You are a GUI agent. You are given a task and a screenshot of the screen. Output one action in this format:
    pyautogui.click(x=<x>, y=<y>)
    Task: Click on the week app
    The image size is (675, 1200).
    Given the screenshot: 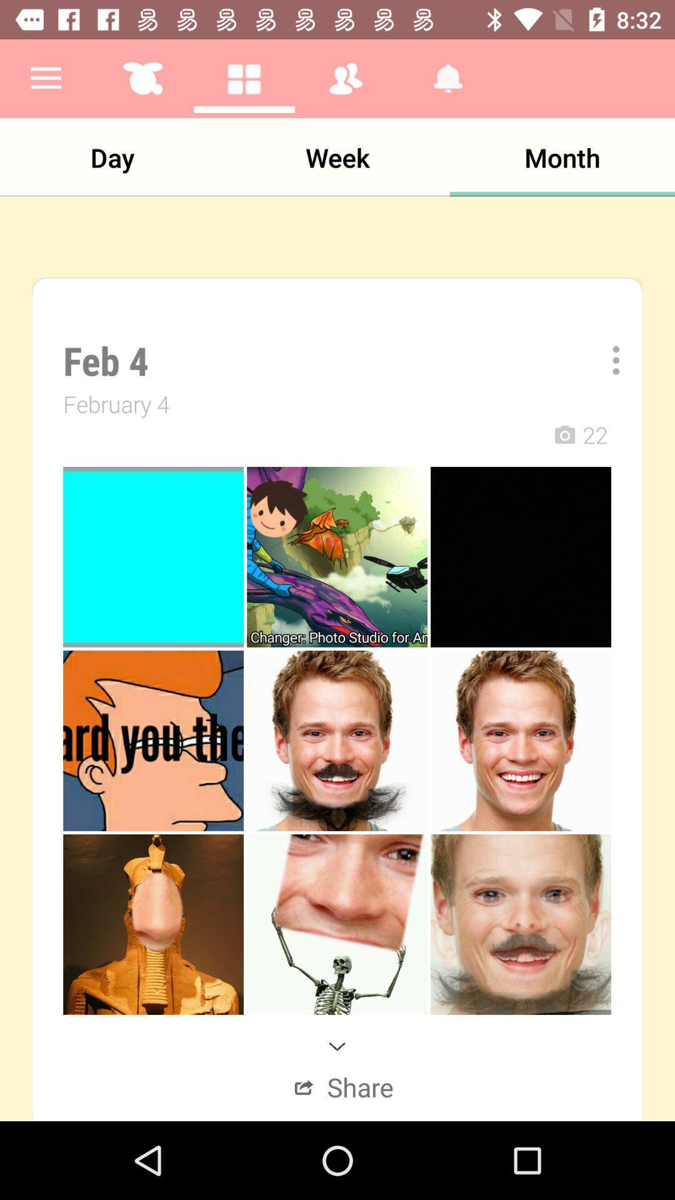 What is the action you would take?
    pyautogui.click(x=337, y=157)
    